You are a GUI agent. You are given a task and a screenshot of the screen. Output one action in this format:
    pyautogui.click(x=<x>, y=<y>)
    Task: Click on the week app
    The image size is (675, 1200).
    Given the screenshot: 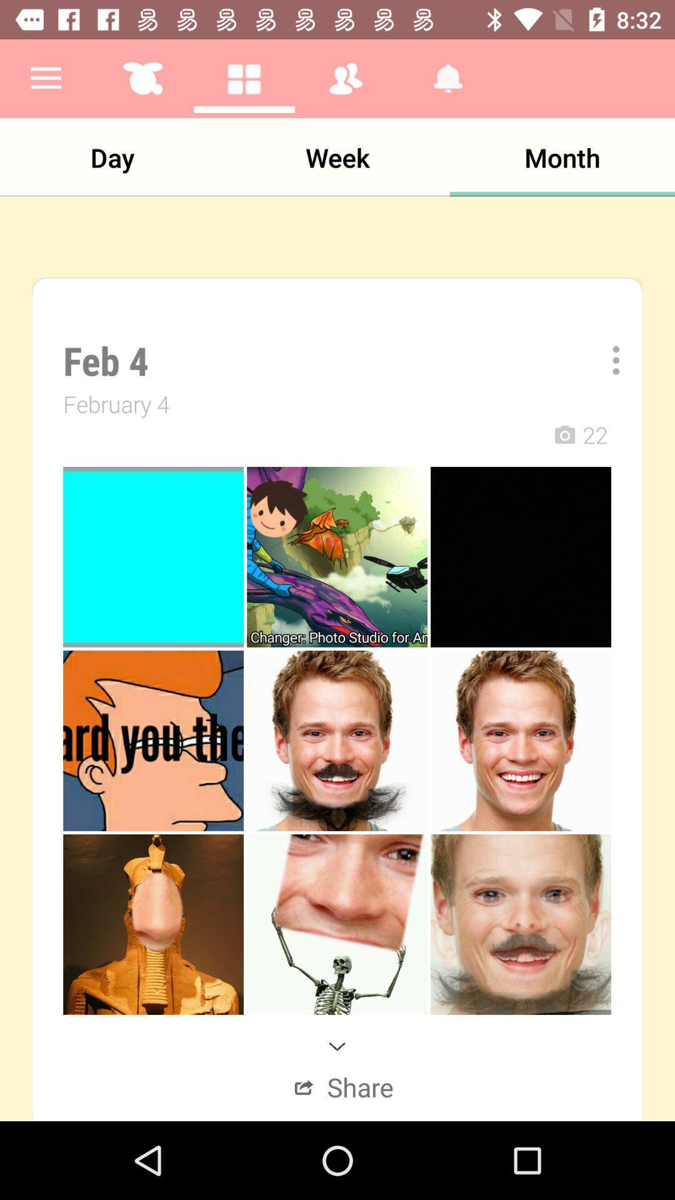 What is the action you would take?
    pyautogui.click(x=337, y=157)
    